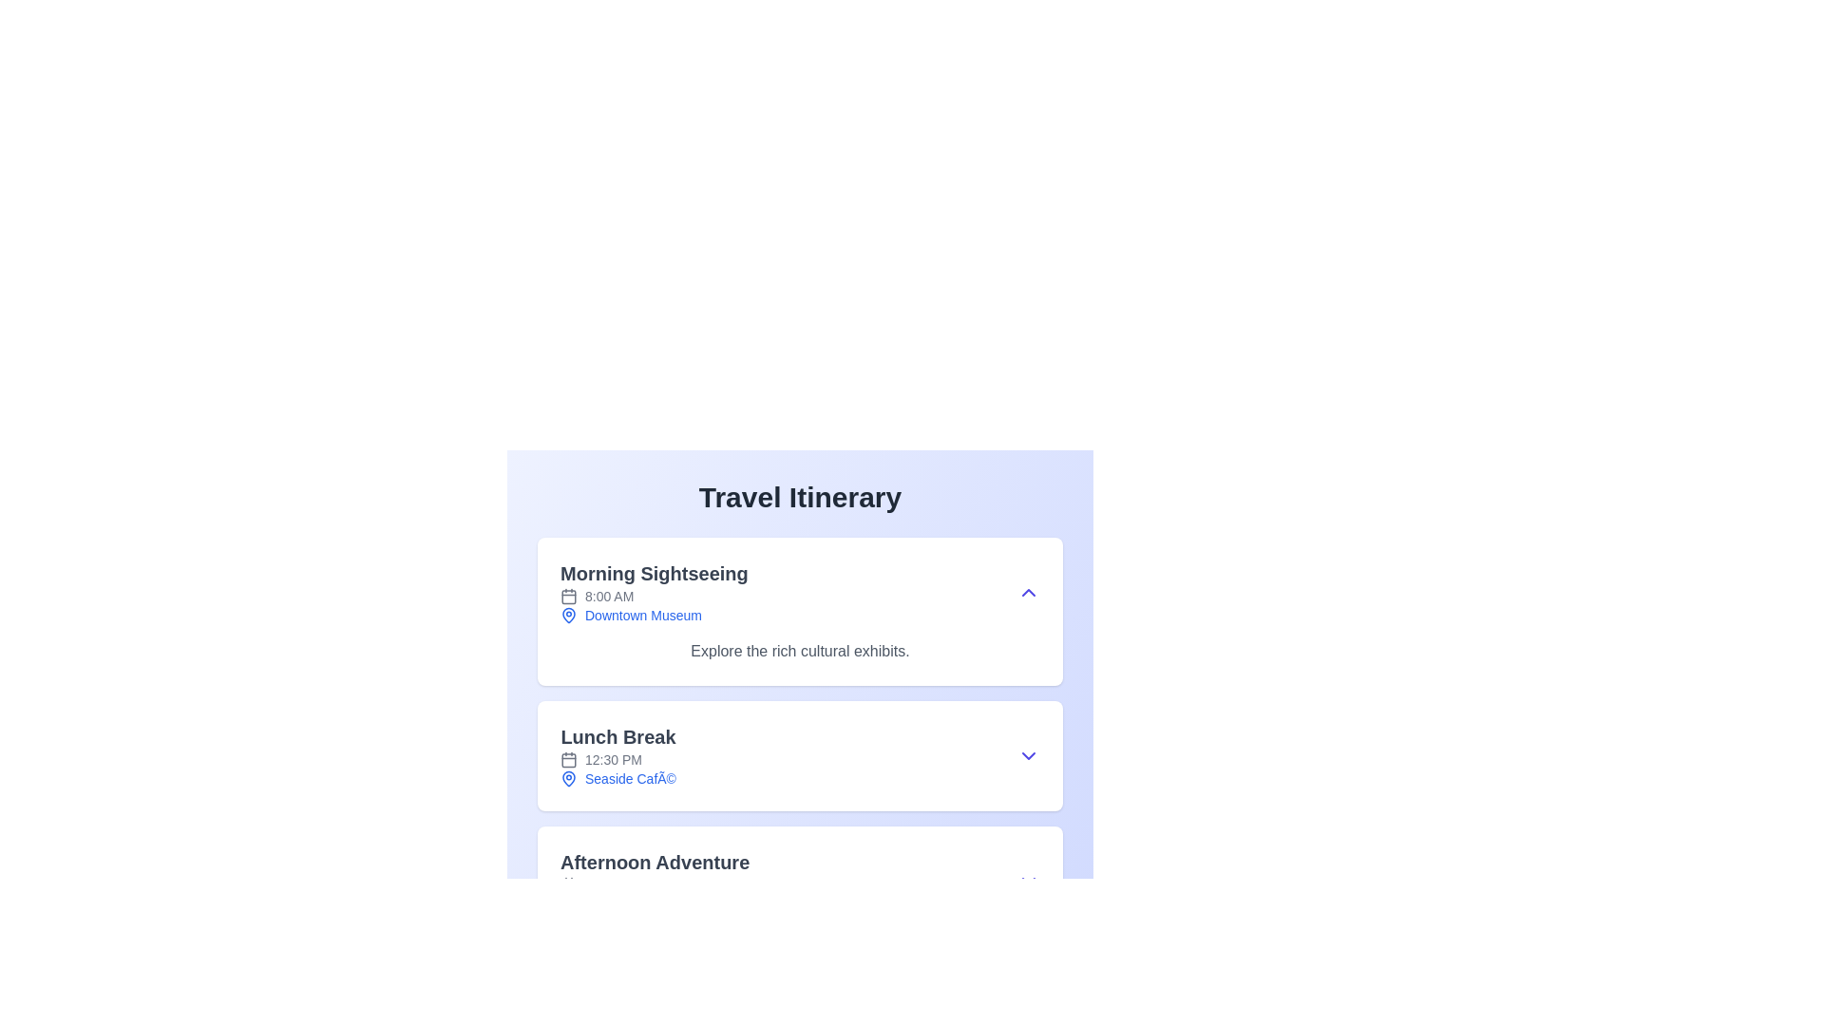  Describe the element at coordinates (800, 652) in the screenshot. I see `the white box-shaped panel titled 'Morning Sightseeing' containing details about the itinerary such as time, location, and description` at that location.